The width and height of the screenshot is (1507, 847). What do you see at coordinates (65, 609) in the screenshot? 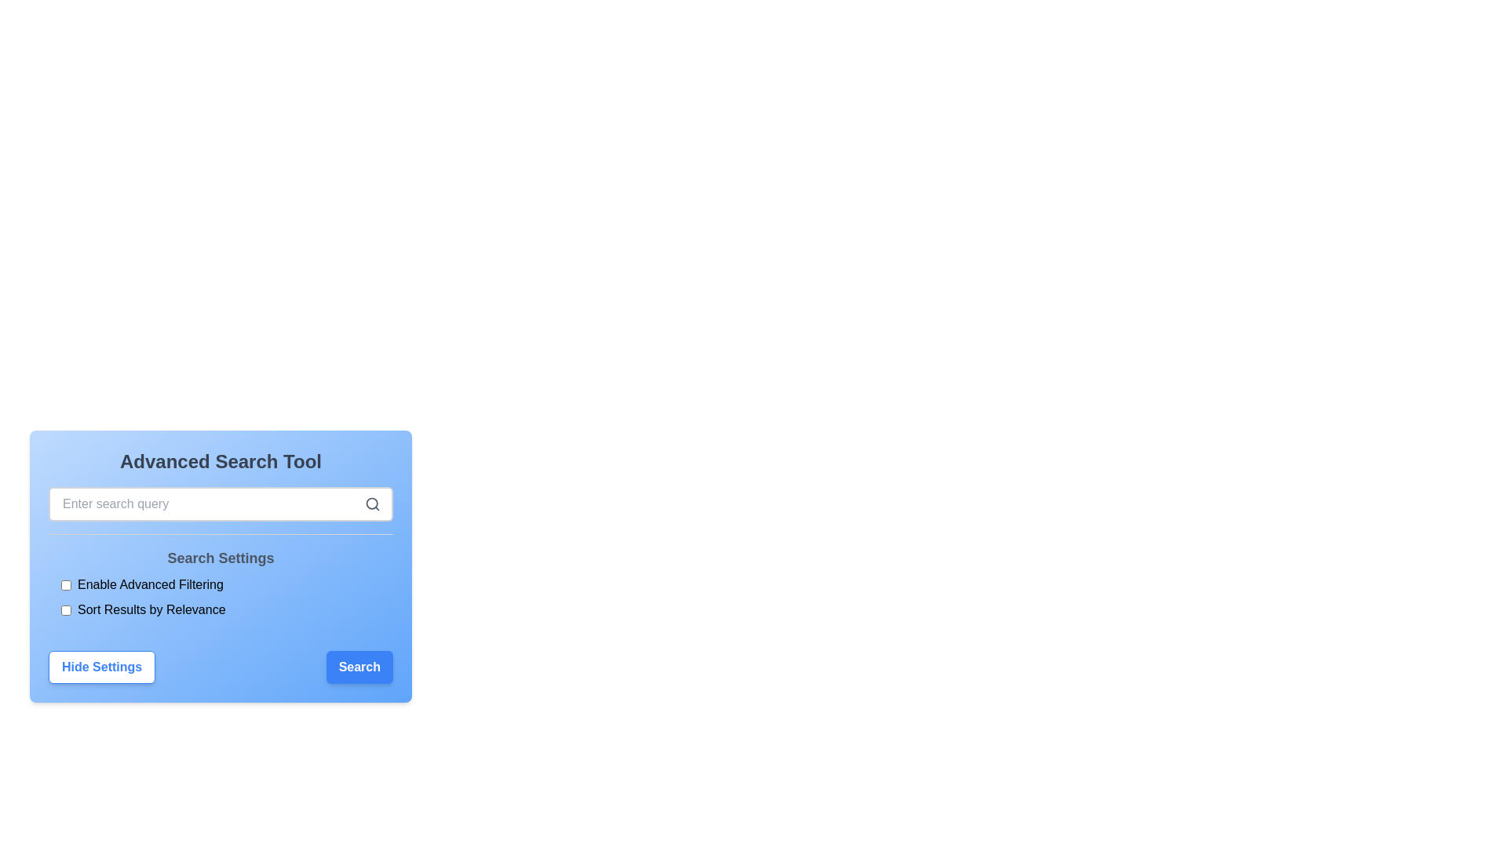
I see `the checkbox styled with a blue border and a white inner box, positioned in the 'Search Settings' section` at bounding box center [65, 609].